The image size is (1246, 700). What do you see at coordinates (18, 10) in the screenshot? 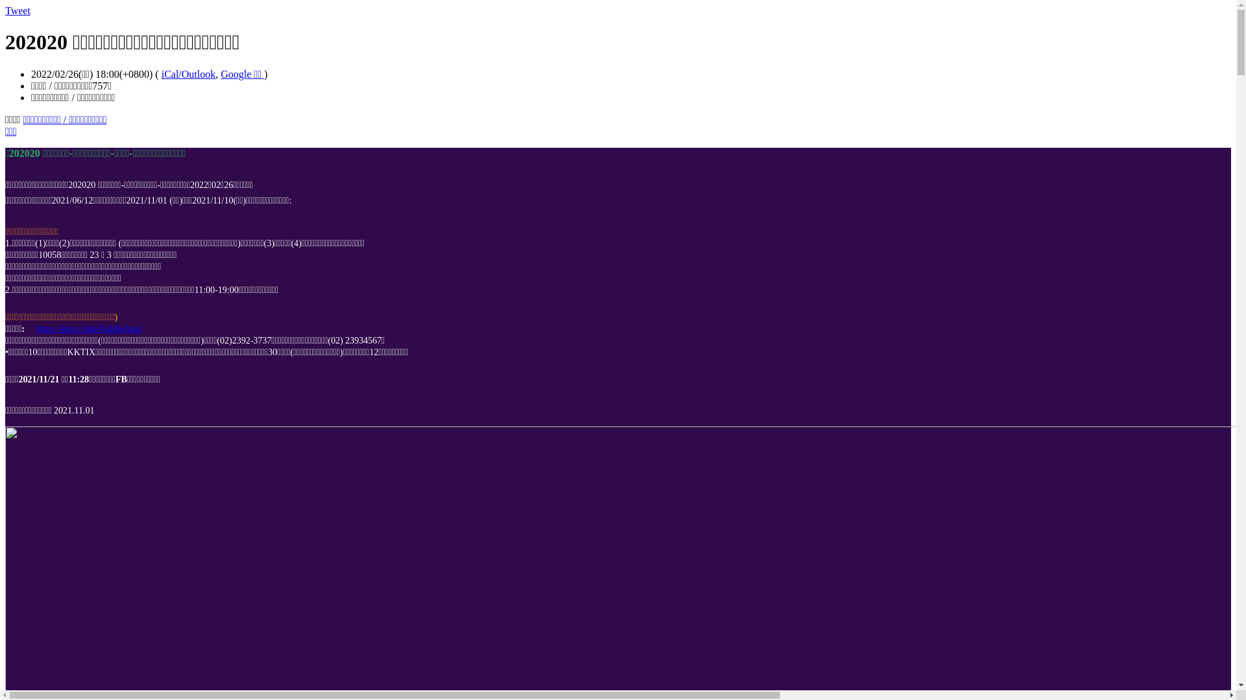
I see `'Tweet'` at bounding box center [18, 10].